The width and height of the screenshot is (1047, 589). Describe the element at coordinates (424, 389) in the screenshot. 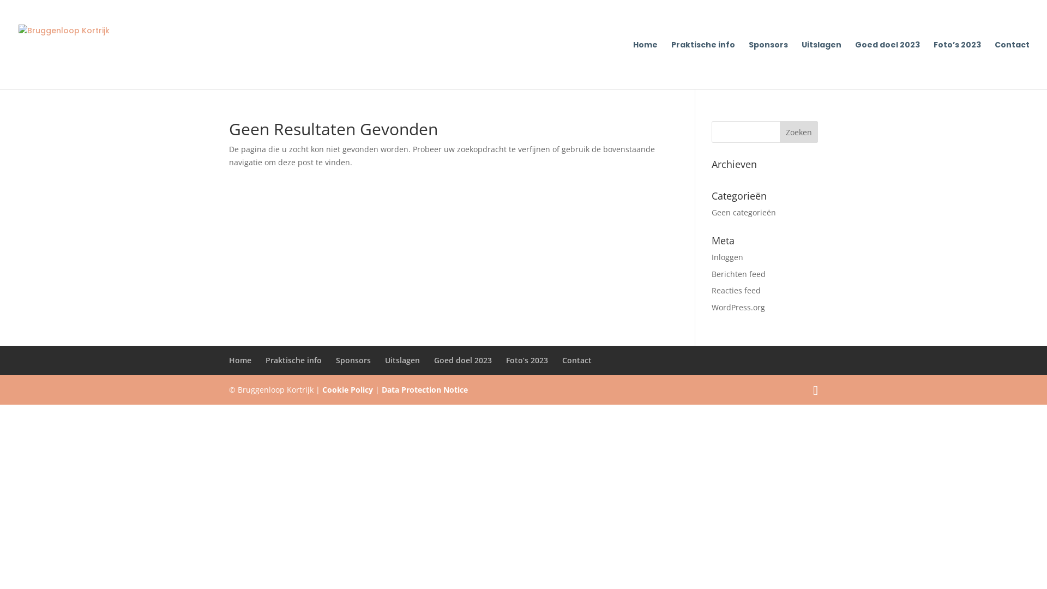

I see `'Data Protection Notice'` at that location.